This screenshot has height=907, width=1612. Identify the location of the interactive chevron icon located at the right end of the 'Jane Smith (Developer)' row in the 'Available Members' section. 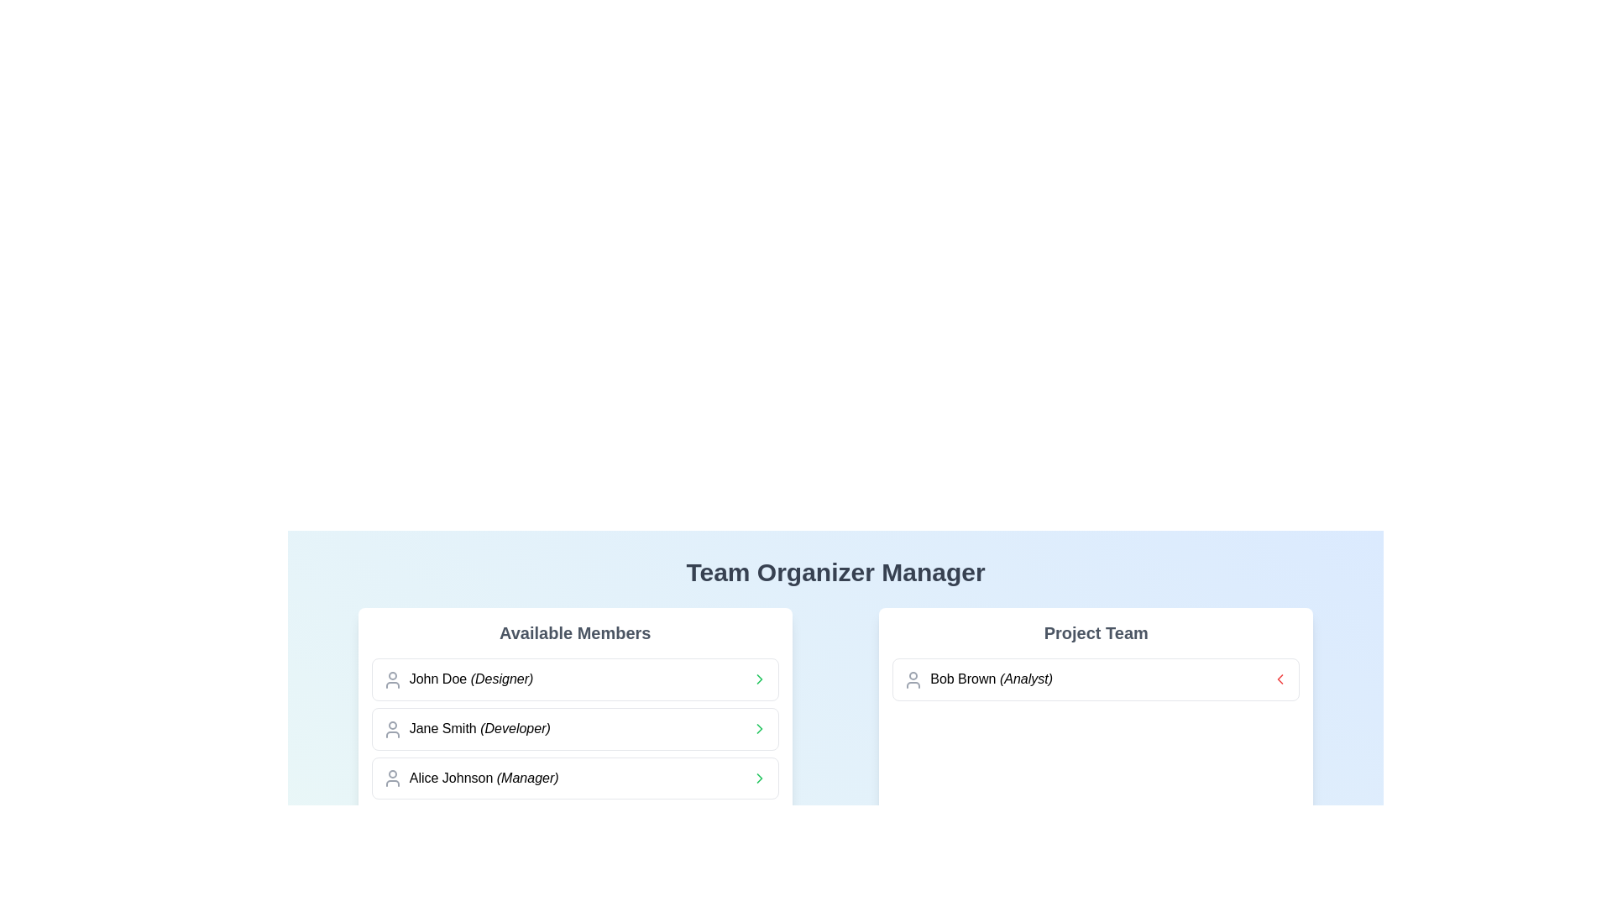
(758, 728).